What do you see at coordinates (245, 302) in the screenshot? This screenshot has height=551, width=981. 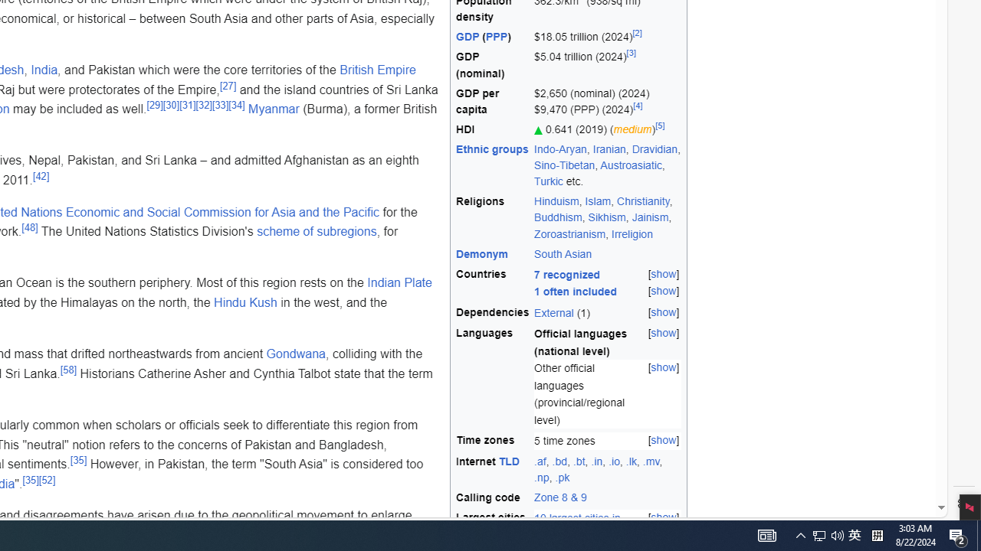 I see `'Hindu Kush'` at bounding box center [245, 302].